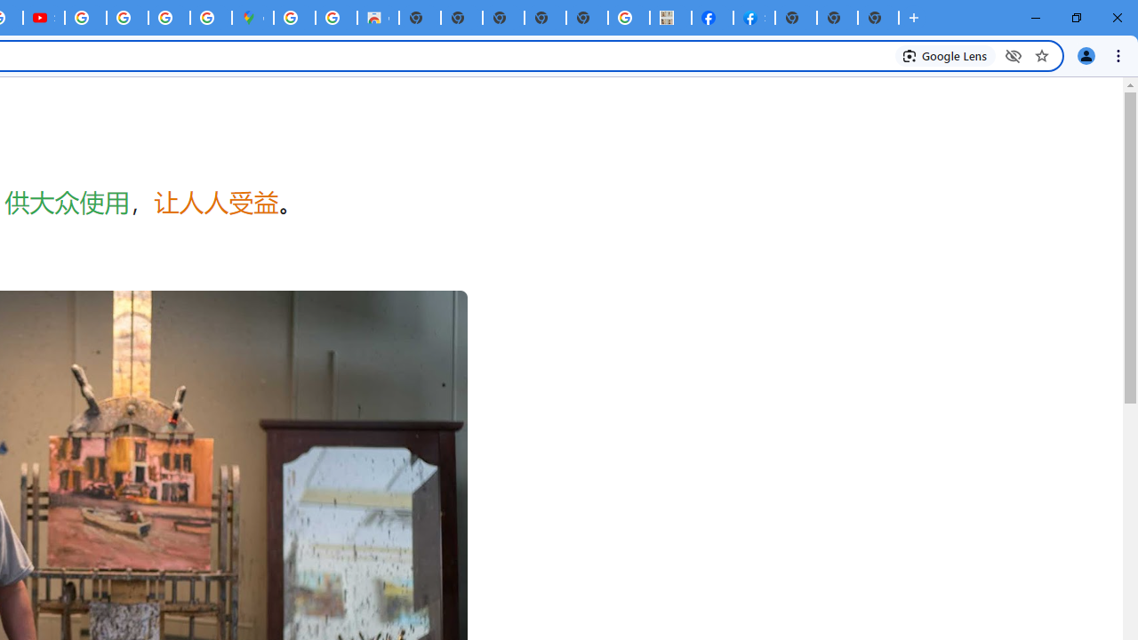 The image size is (1138, 640). I want to click on 'Sign Up for Facebook', so click(754, 18).